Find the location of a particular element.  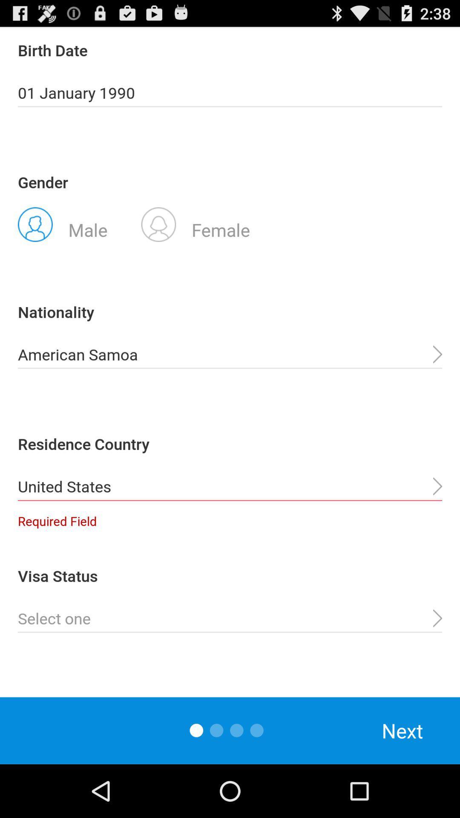

icon to the right of the male is located at coordinates (195, 224).